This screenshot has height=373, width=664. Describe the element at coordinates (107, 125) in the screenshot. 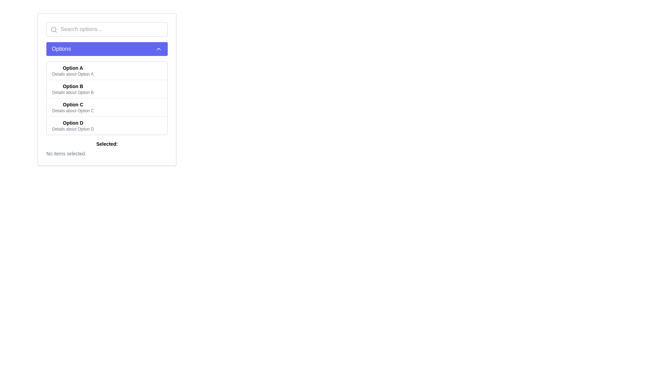

I see `the selectable option labeled 'Option D' which is the fourth item in the list` at that location.